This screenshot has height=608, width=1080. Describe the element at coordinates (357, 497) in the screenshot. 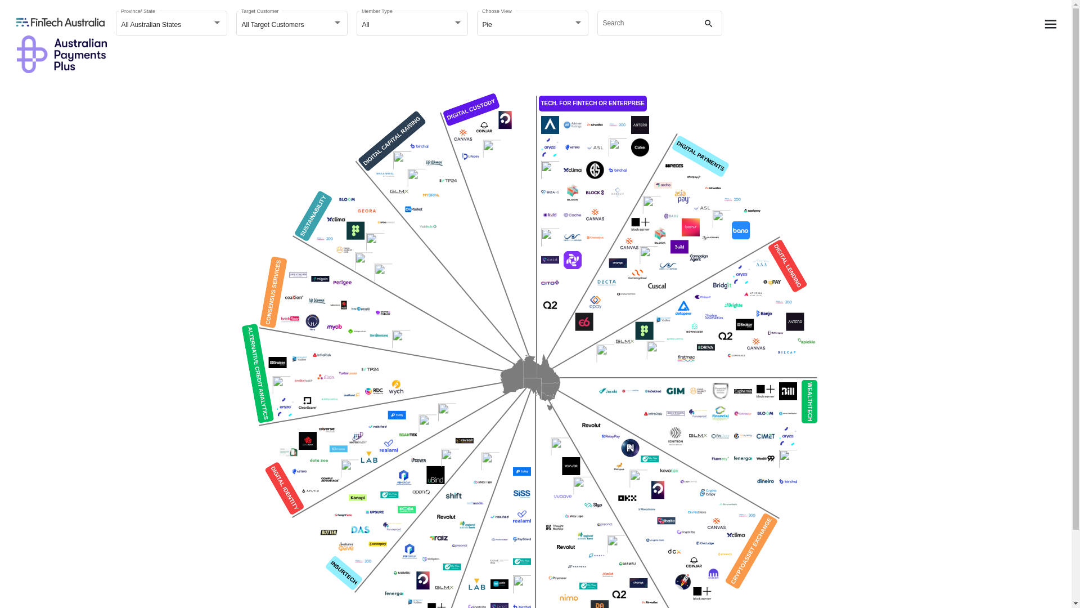

I see `'Kanopi'` at that location.